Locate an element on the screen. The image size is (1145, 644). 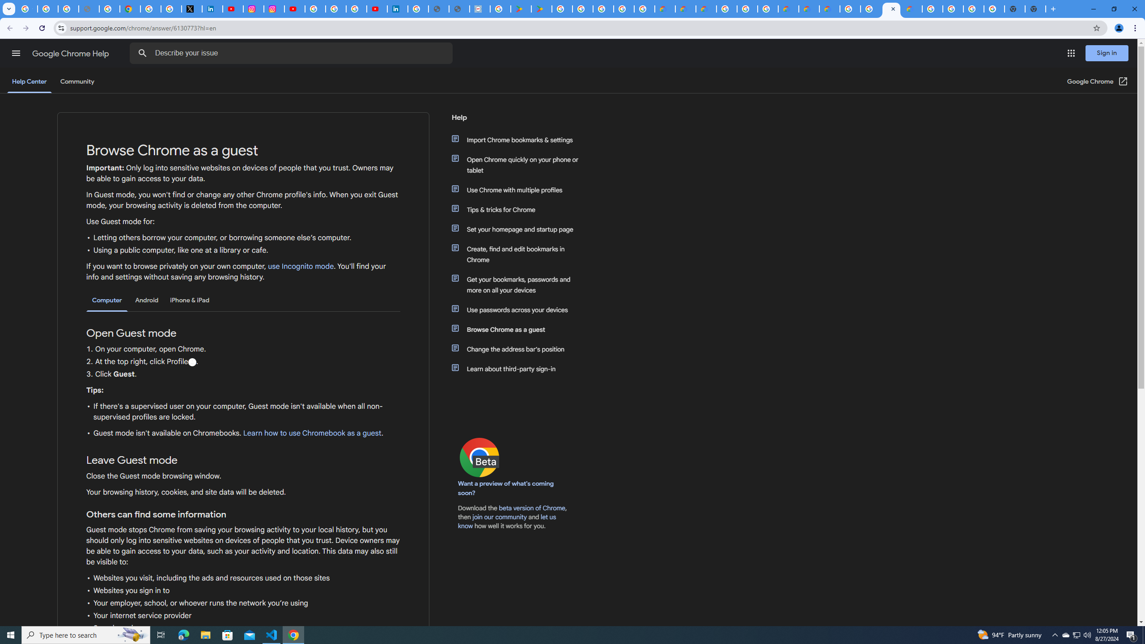
'iPhone & iPad' is located at coordinates (189, 300).